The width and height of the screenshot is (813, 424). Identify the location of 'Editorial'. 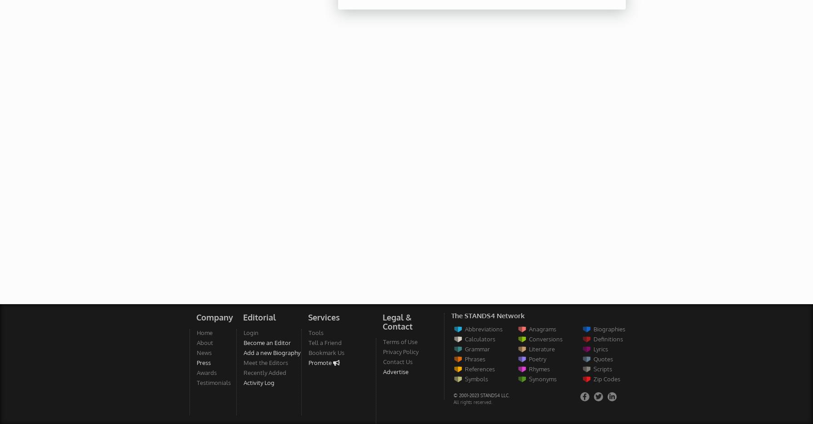
(258, 317).